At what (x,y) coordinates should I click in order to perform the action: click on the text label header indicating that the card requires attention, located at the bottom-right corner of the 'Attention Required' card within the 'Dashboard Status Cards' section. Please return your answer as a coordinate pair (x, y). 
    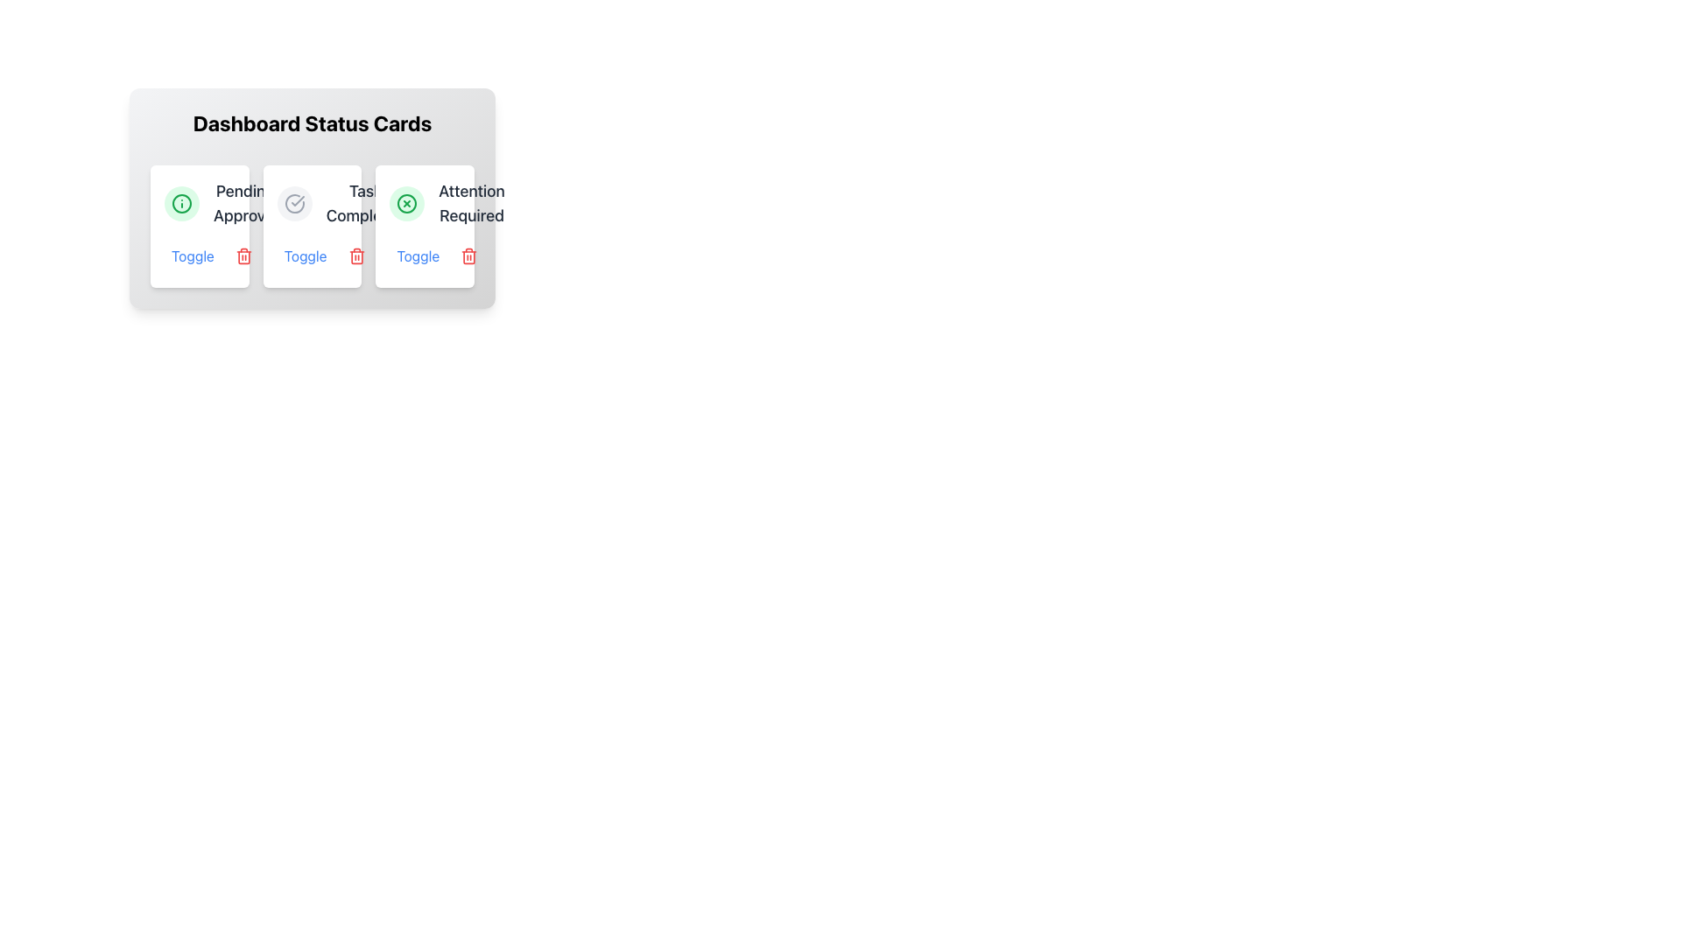
    Looking at the image, I should click on (472, 202).